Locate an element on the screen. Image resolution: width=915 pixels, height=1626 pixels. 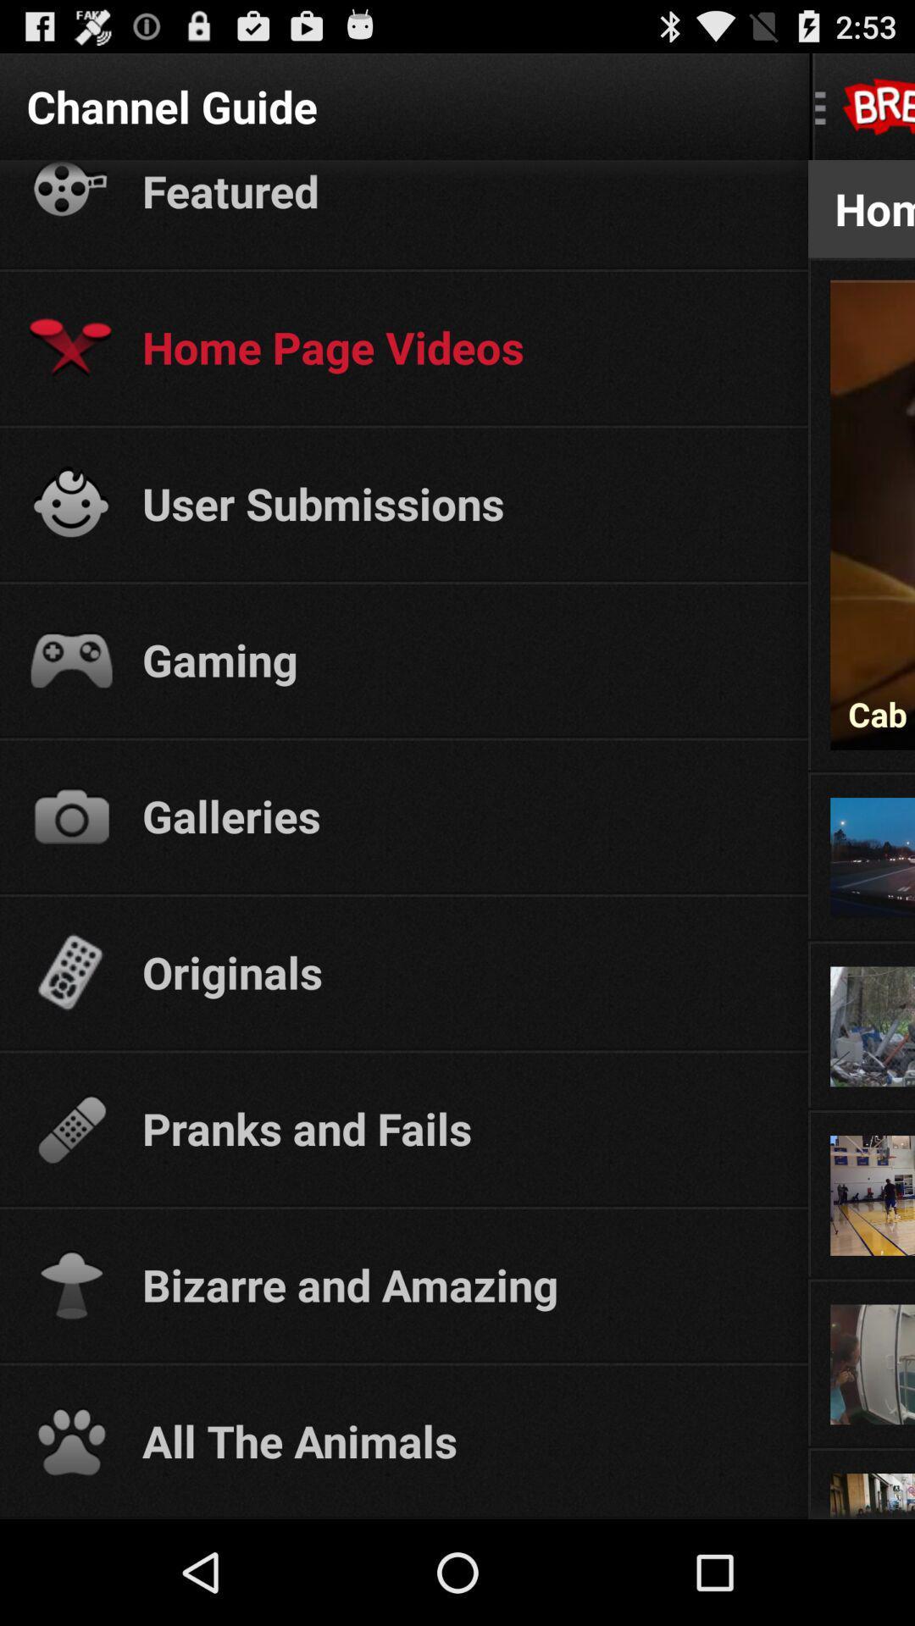
icon above the cab driver claims app is located at coordinates (873, 281).